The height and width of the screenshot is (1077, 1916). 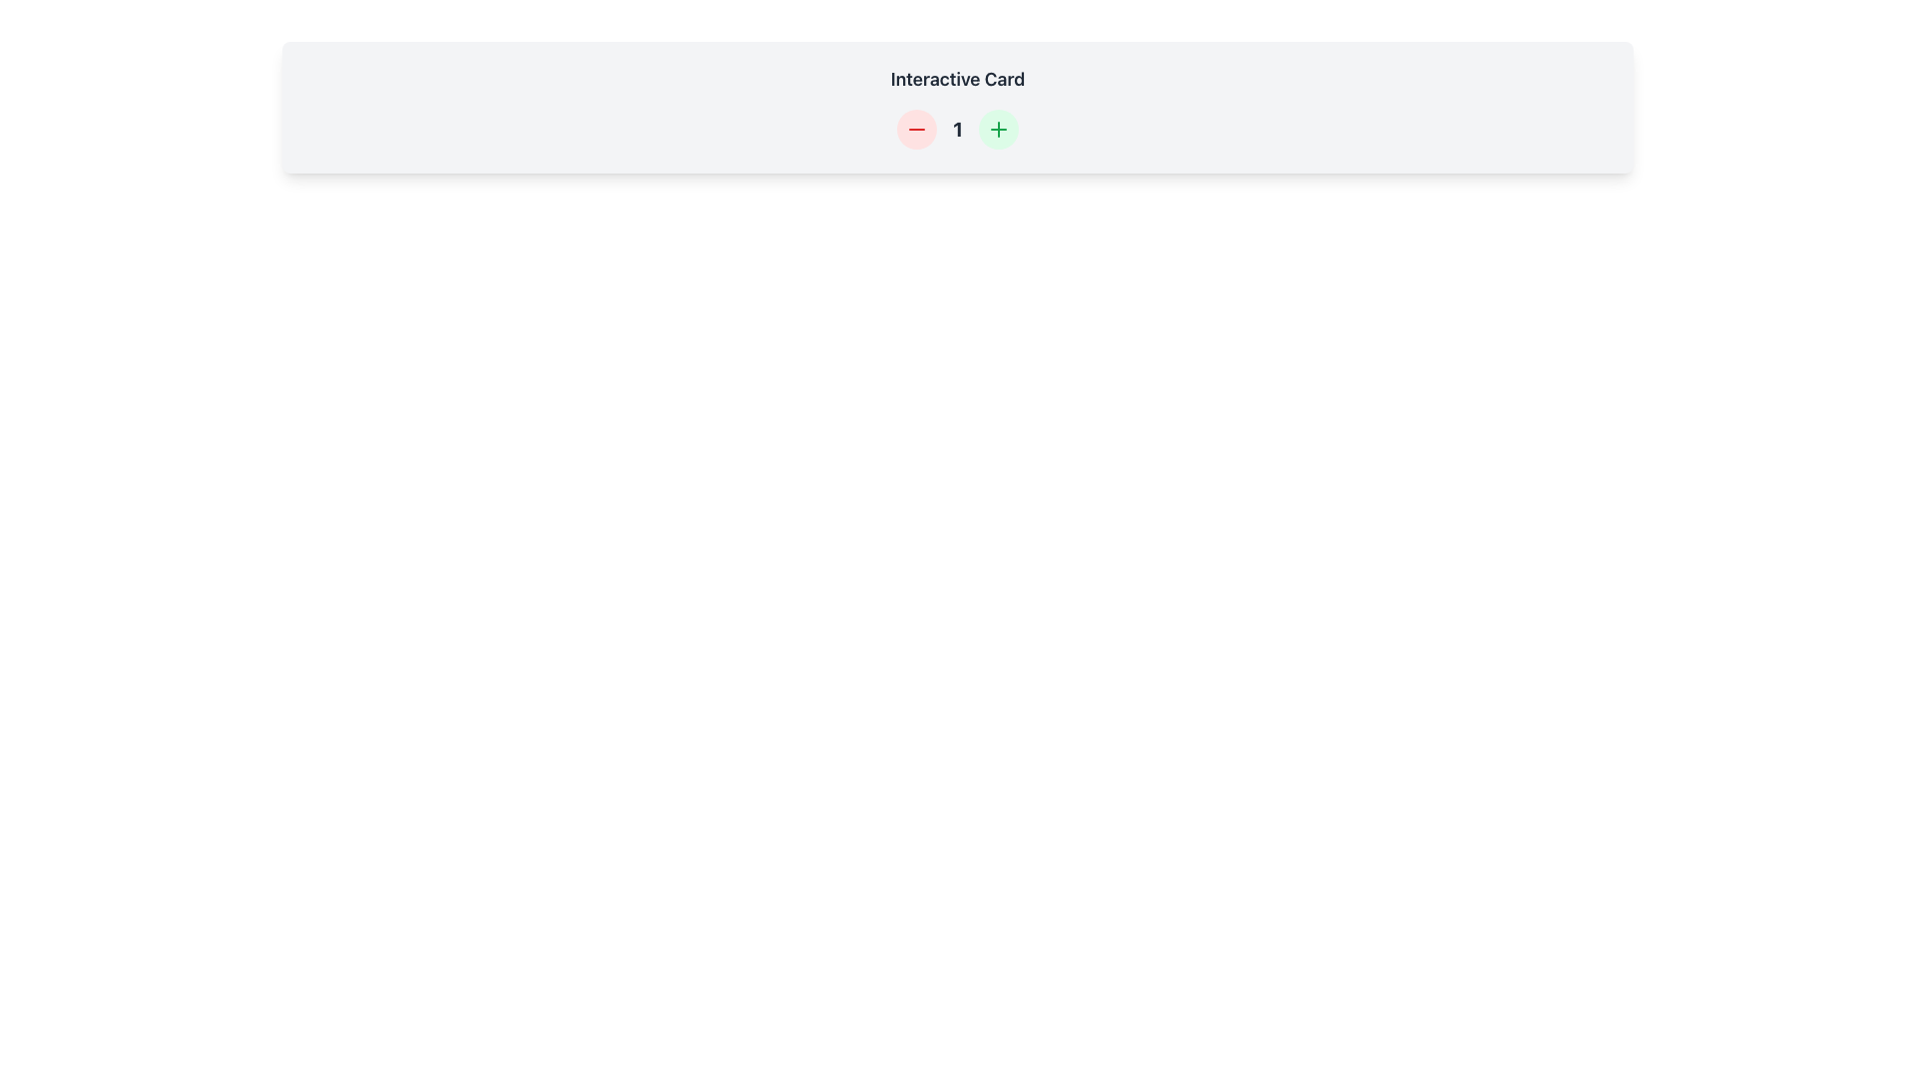 What do you see at coordinates (997, 130) in the screenshot?
I see `the increment button located on the right side of the numeric label` at bounding box center [997, 130].